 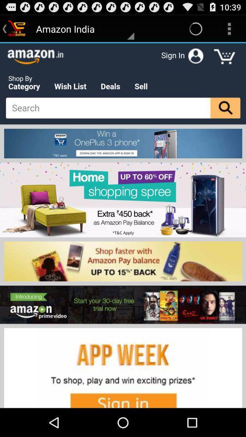 I want to click on advertisement link, so click(x=123, y=225).